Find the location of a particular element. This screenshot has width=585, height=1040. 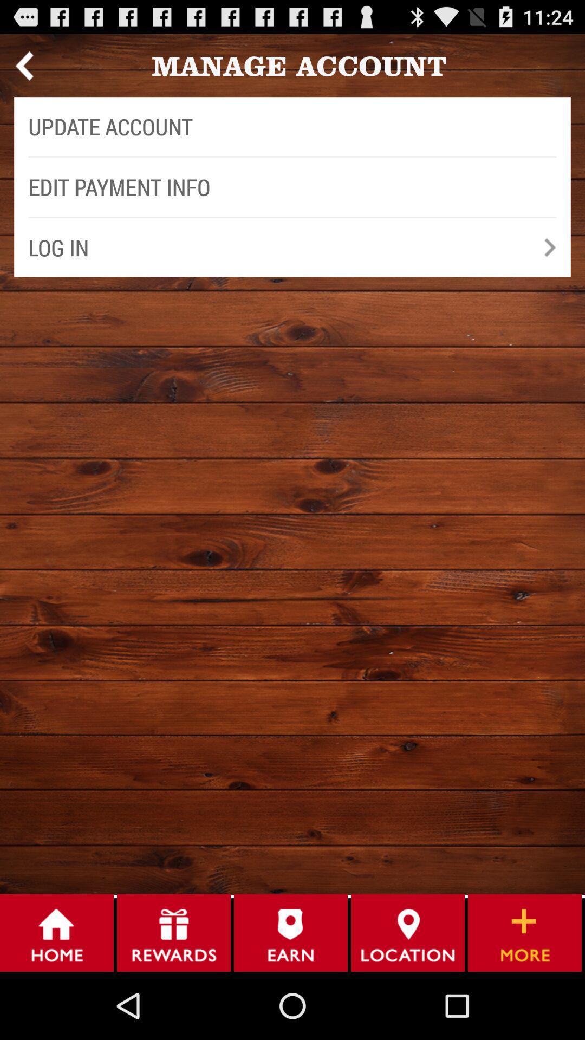

the arrow_backward icon is located at coordinates (24, 69).